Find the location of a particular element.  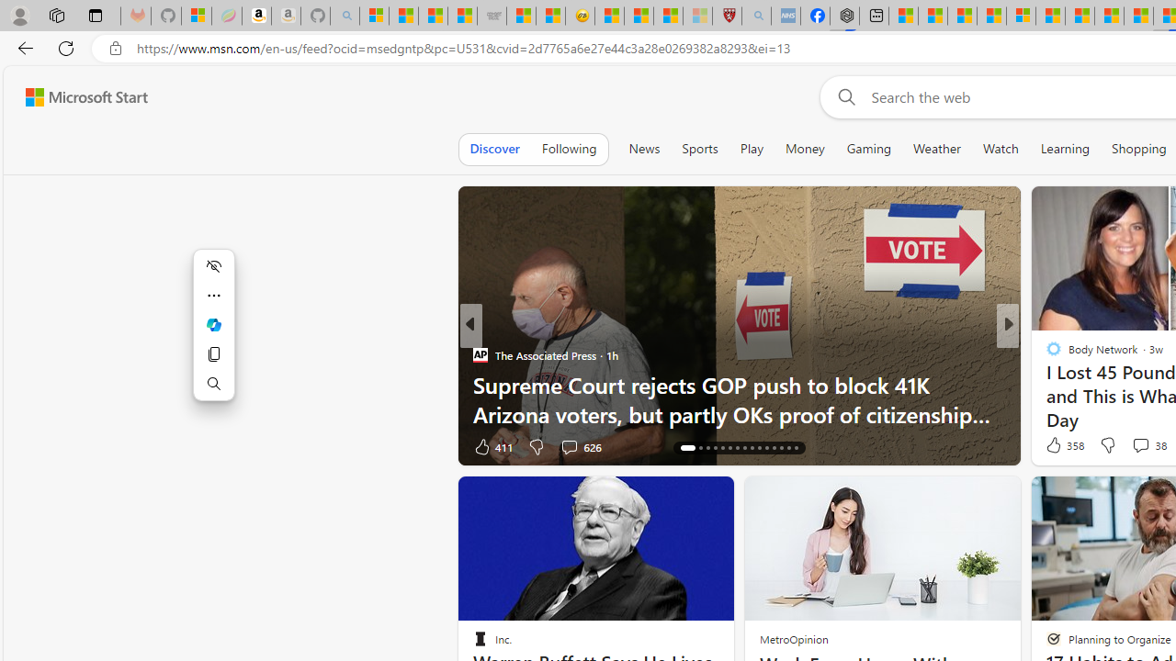

'View comments 626 Comment' is located at coordinates (580, 446).